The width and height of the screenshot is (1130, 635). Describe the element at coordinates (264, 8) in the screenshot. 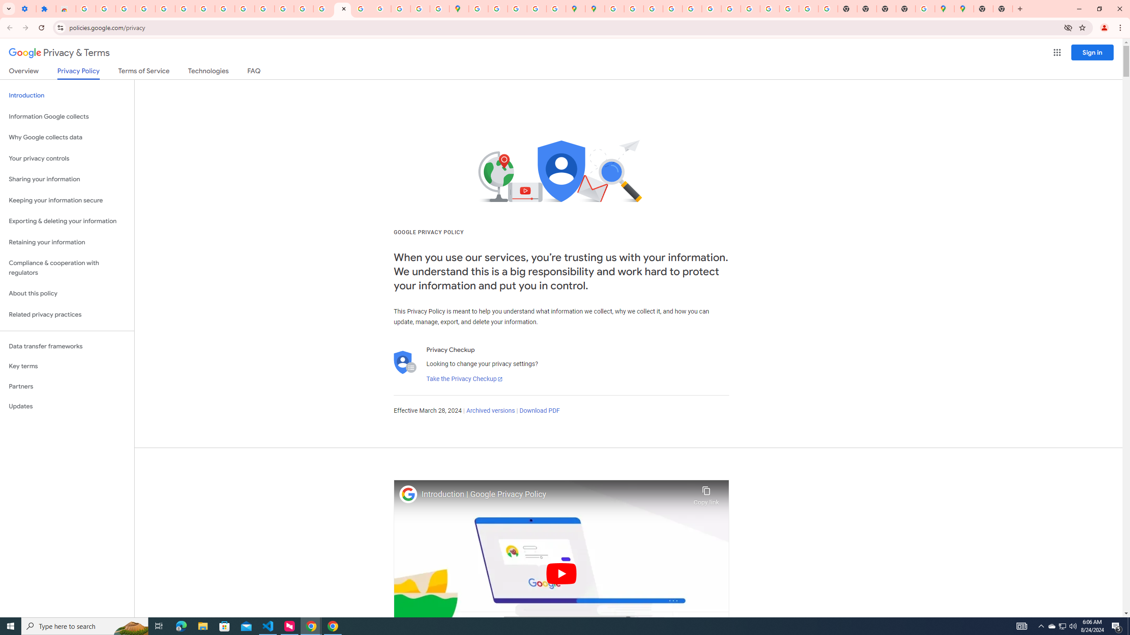

I see `'https://scholar.google.com/'` at that location.